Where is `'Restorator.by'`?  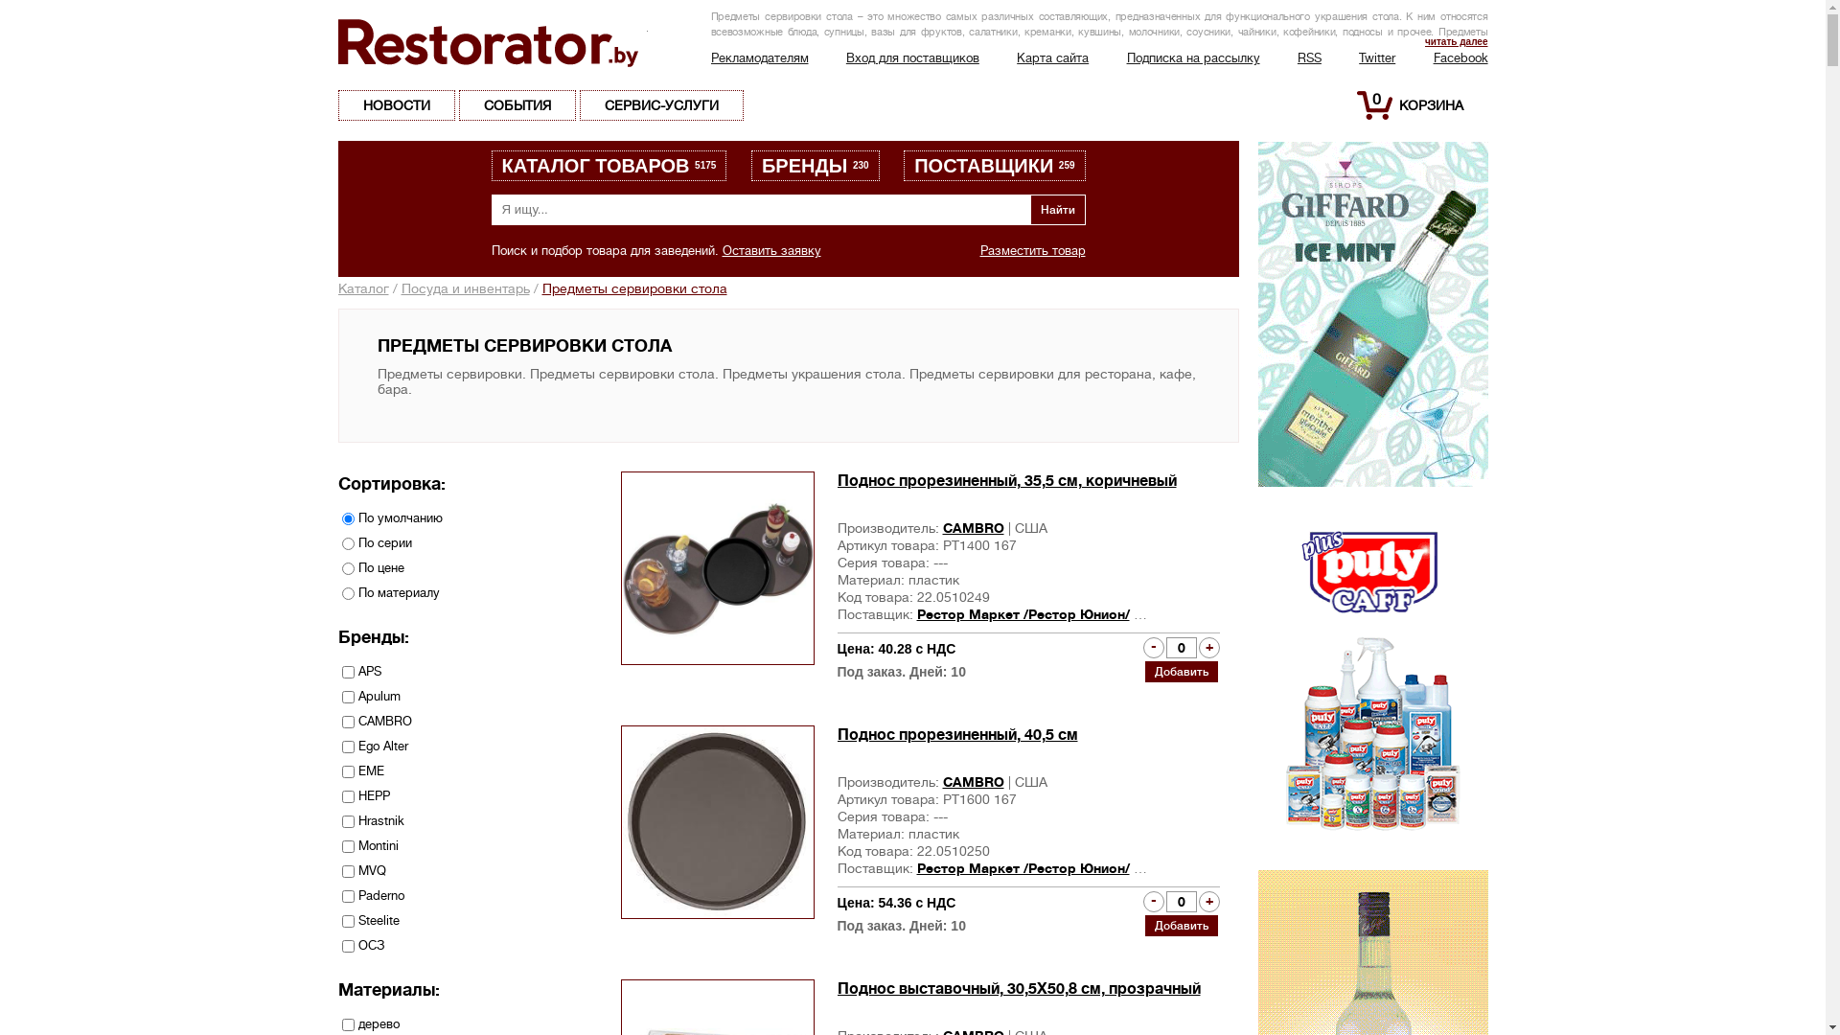
'Restorator.by' is located at coordinates (492, 41).